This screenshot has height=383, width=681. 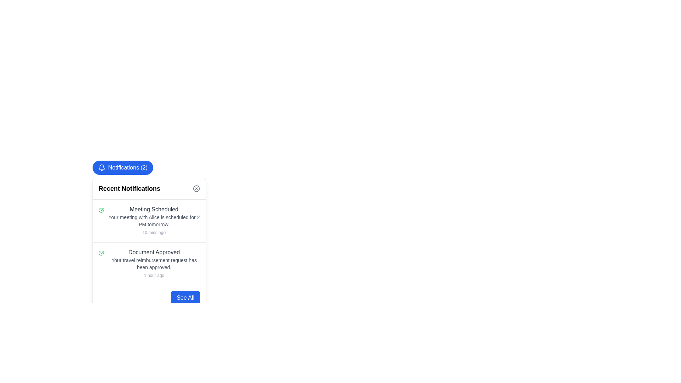 I want to click on the Notification card that informs about the upcoming meeting with Alice scheduled for 2 PM tomorrow, located at the top of the 'Recent Notifications' section in the notification panel, so click(x=149, y=221).